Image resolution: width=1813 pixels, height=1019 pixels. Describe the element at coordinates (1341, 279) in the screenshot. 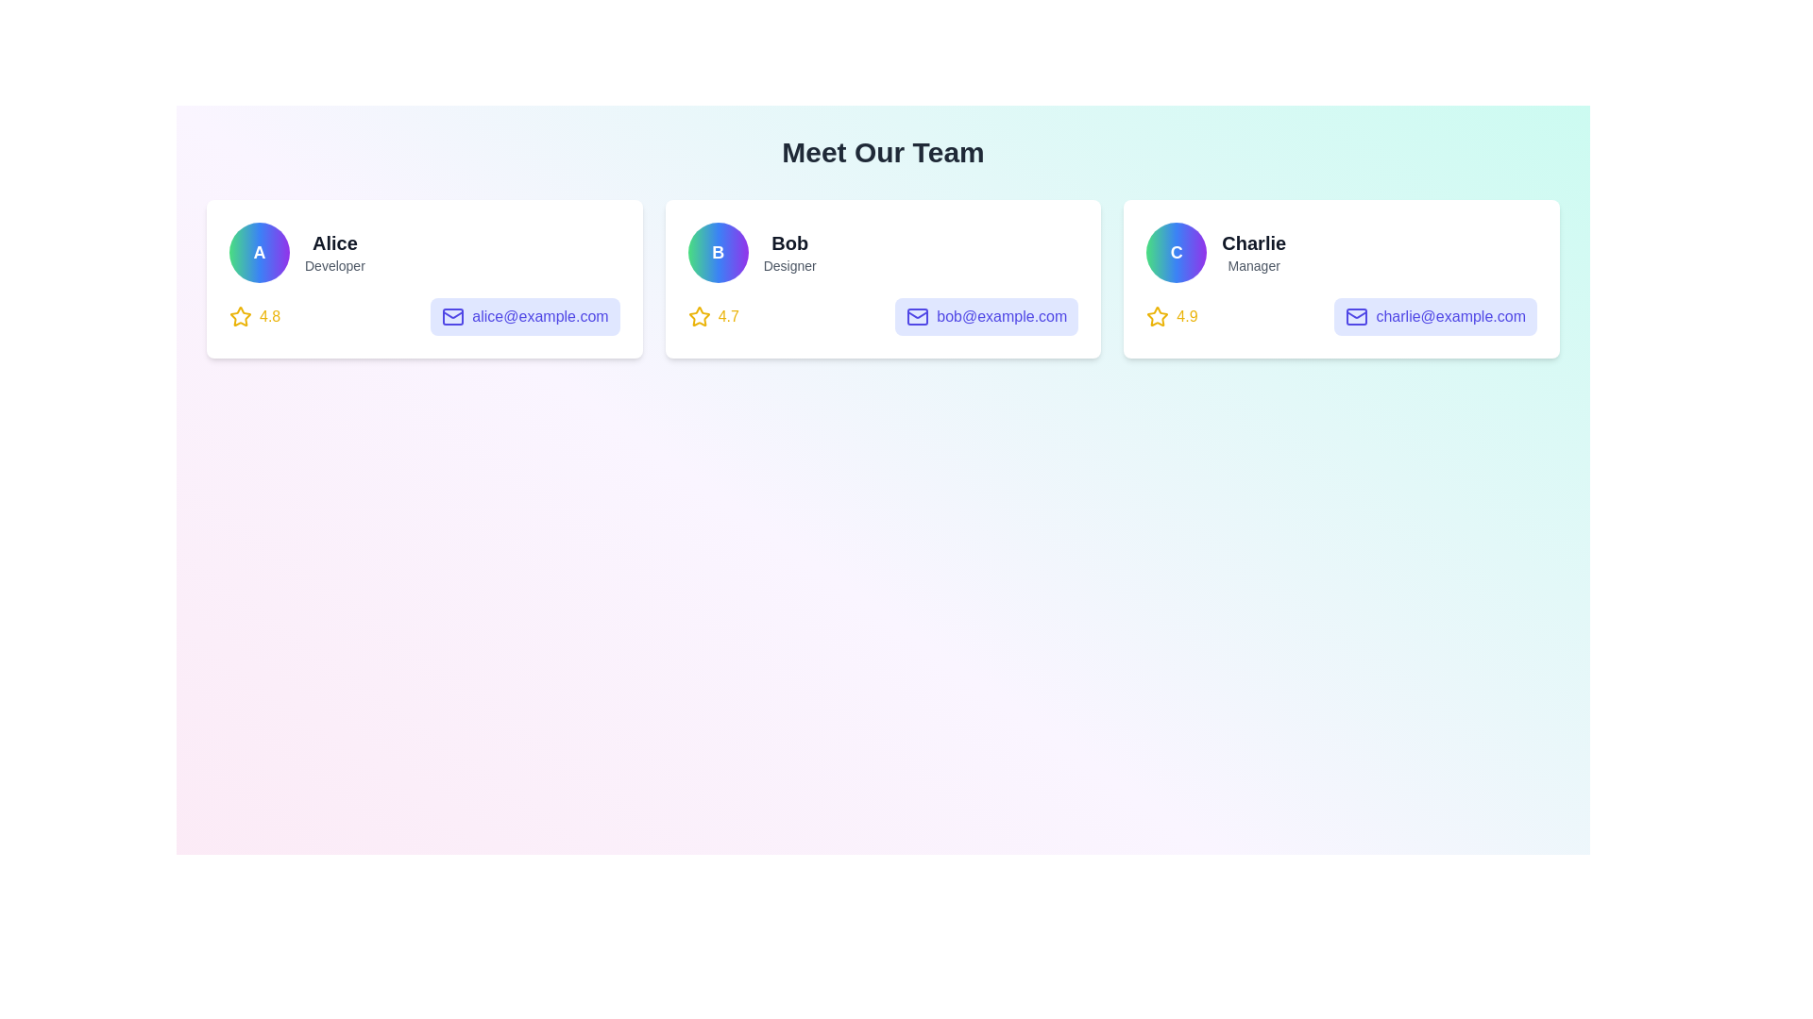

I see `the third team member's profile card in the 'Meet Our Team' section, which displays their name, role, rating, and contact email` at that location.